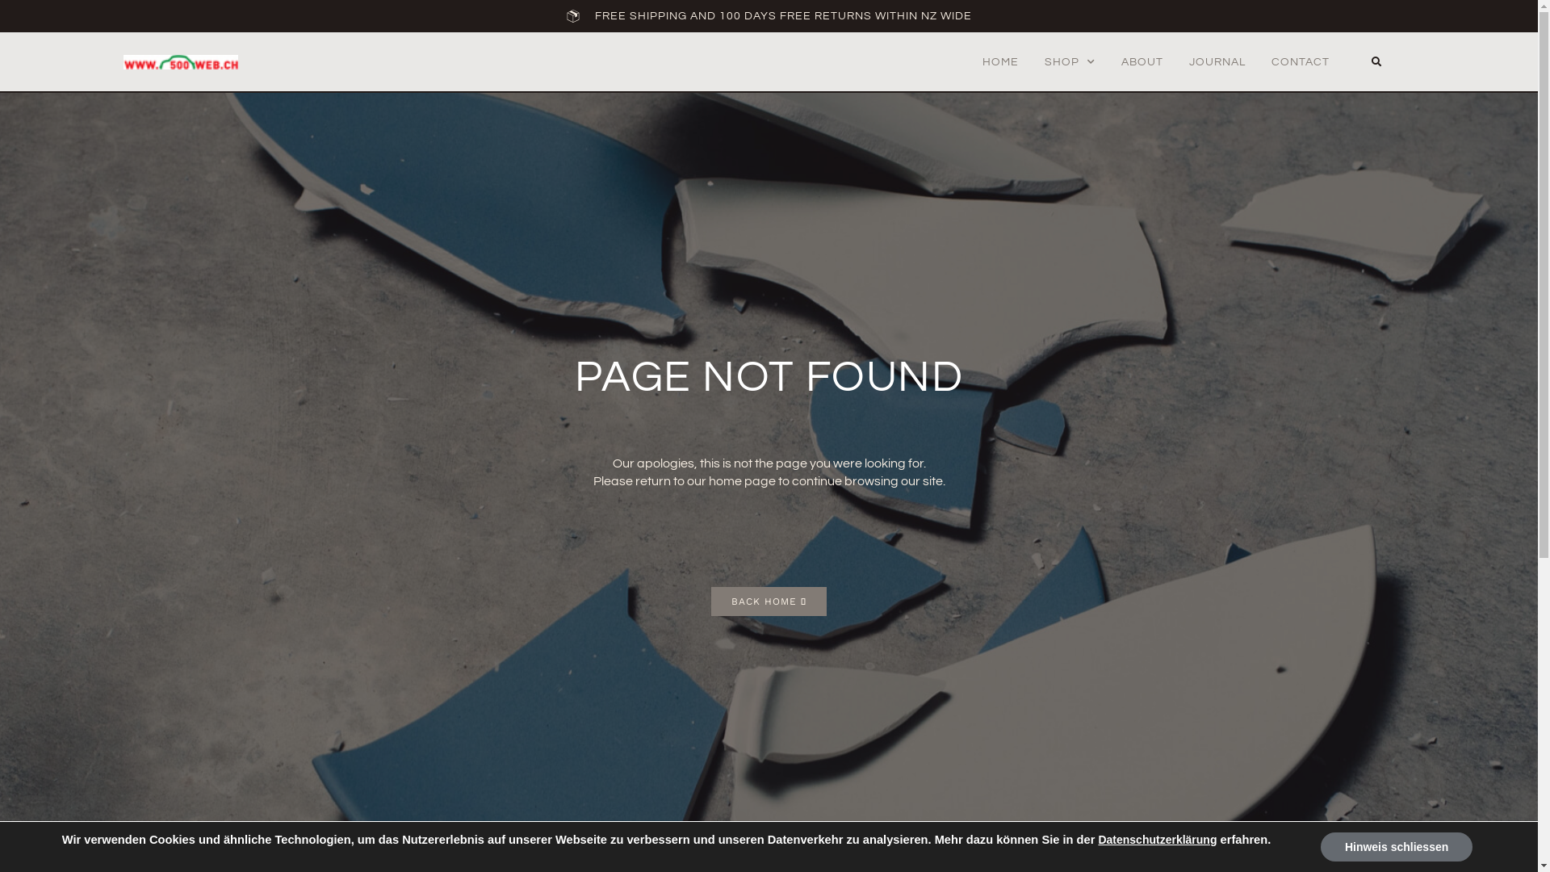 The image size is (1550, 872). I want to click on 'SHOP', so click(1070, 61).